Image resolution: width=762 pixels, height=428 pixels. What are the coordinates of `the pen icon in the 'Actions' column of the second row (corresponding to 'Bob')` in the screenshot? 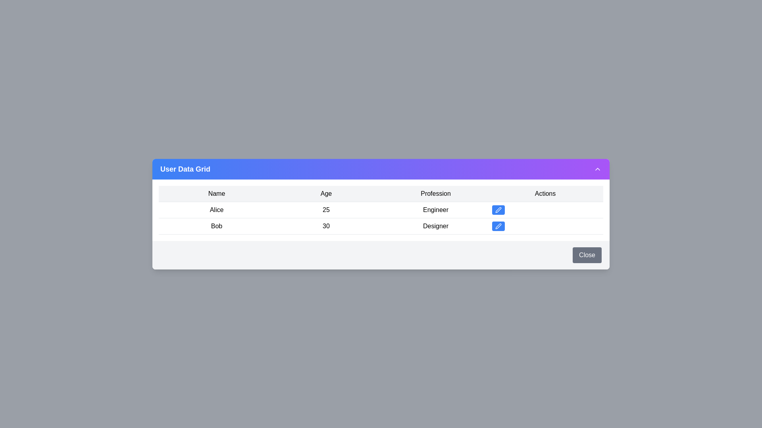 It's located at (498, 226).